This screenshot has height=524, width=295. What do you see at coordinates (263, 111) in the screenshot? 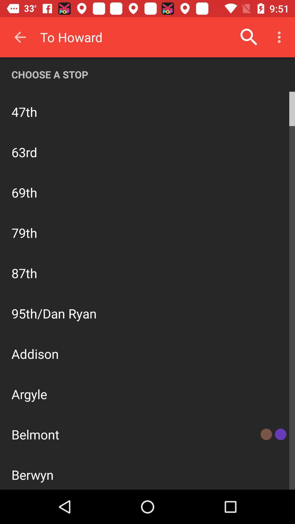
I see `the icon to the right of north bound icon` at bounding box center [263, 111].